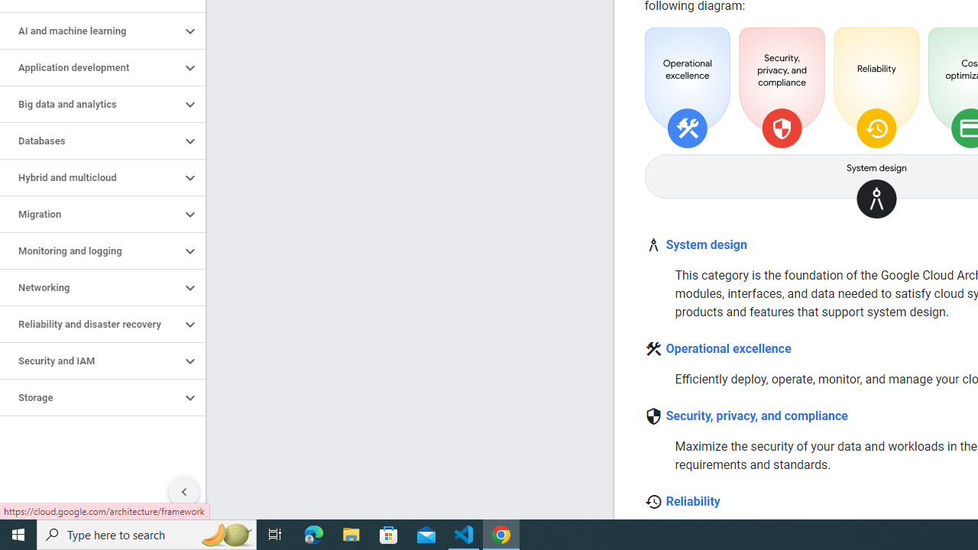  What do you see at coordinates (89, 141) in the screenshot?
I see `'Databases'` at bounding box center [89, 141].